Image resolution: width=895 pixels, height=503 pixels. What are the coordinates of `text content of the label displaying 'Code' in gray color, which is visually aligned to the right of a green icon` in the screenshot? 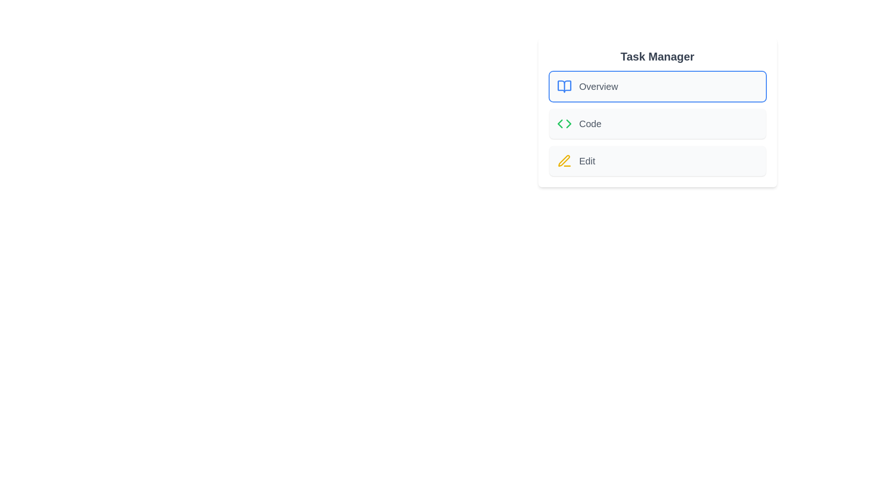 It's located at (590, 123).